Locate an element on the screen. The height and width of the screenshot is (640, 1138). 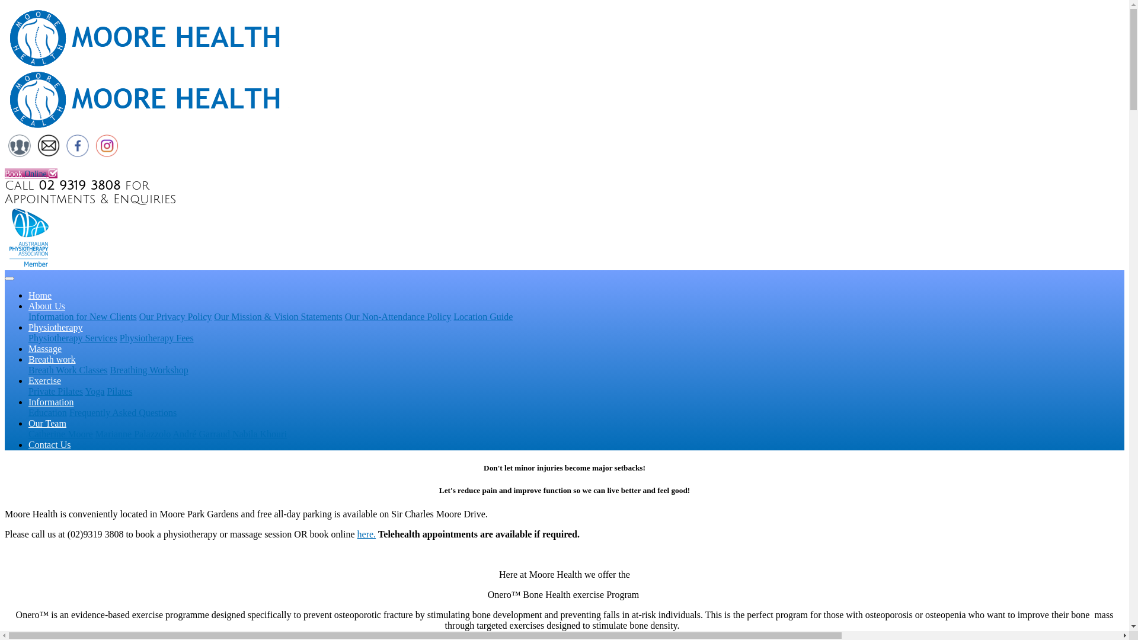
'Catherine Moore' is located at coordinates (60, 434).